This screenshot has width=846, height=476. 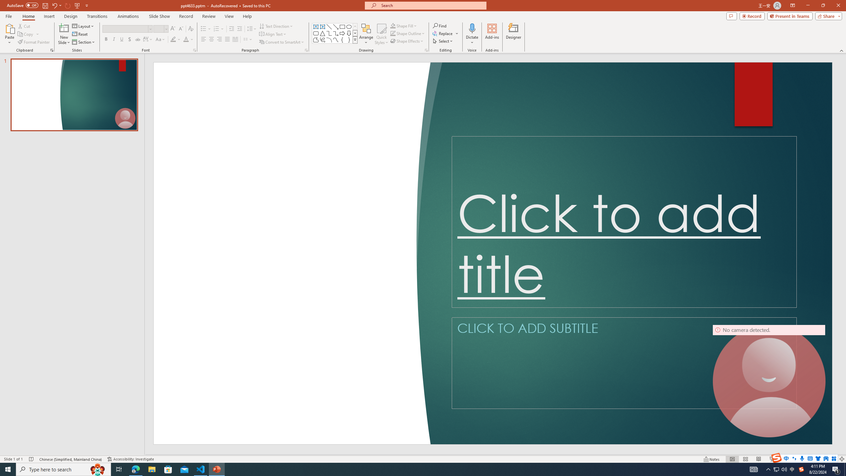 I want to click on 'Office Clipboard...', so click(x=51, y=50).